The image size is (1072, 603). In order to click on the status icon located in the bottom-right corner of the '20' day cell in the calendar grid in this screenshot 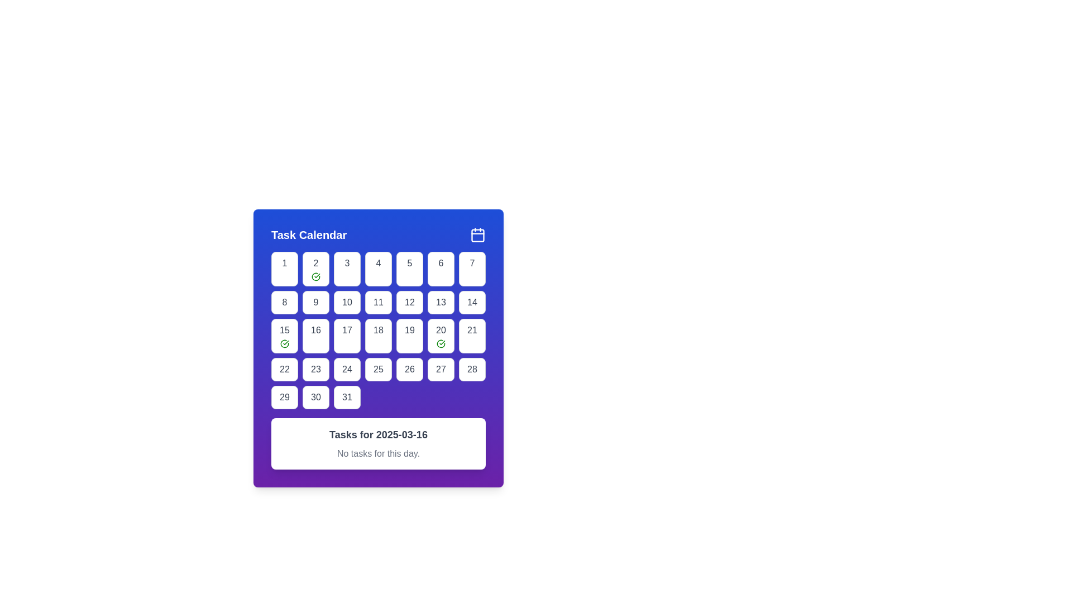, I will do `click(441, 343)`.